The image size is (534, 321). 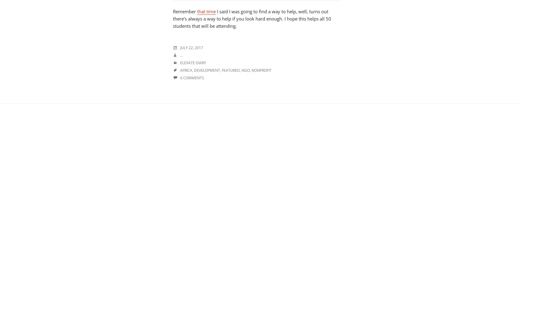 What do you see at coordinates (221, 70) in the screenshot?
I see `'Featured'` at bounding box center [221, 70].